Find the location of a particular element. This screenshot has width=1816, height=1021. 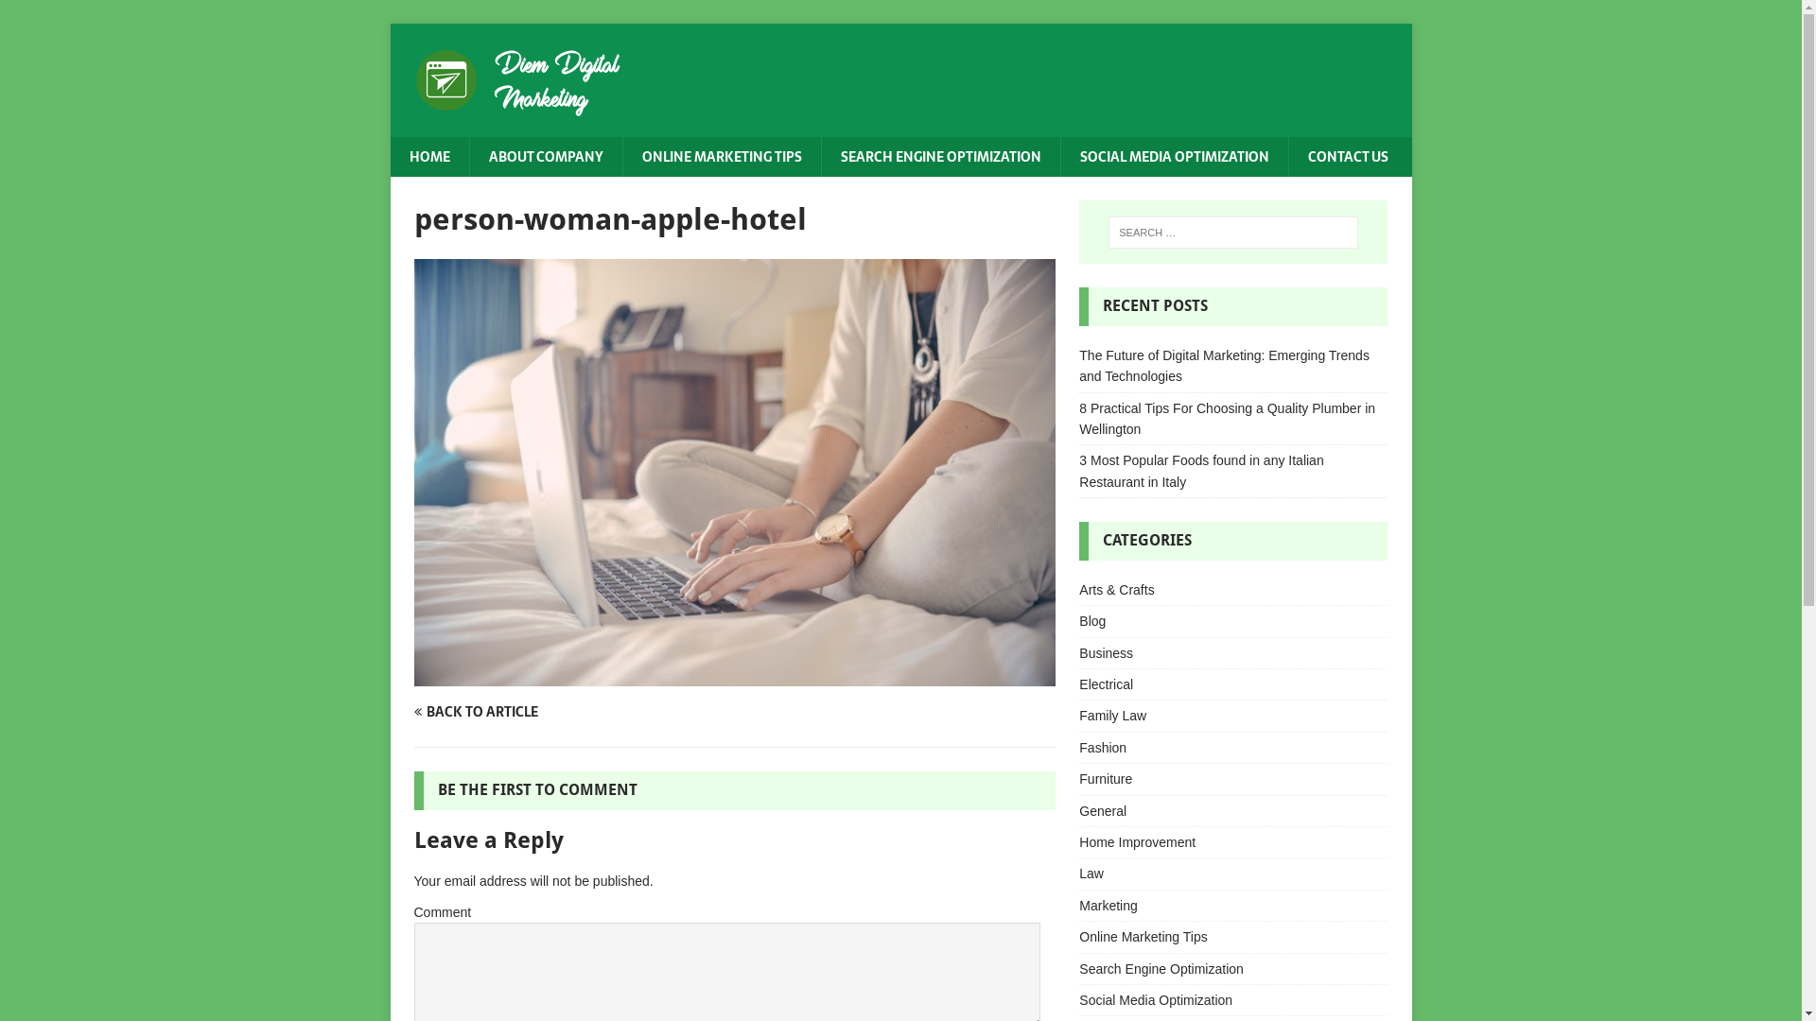

'Search' is located at coordinates (71, 14).